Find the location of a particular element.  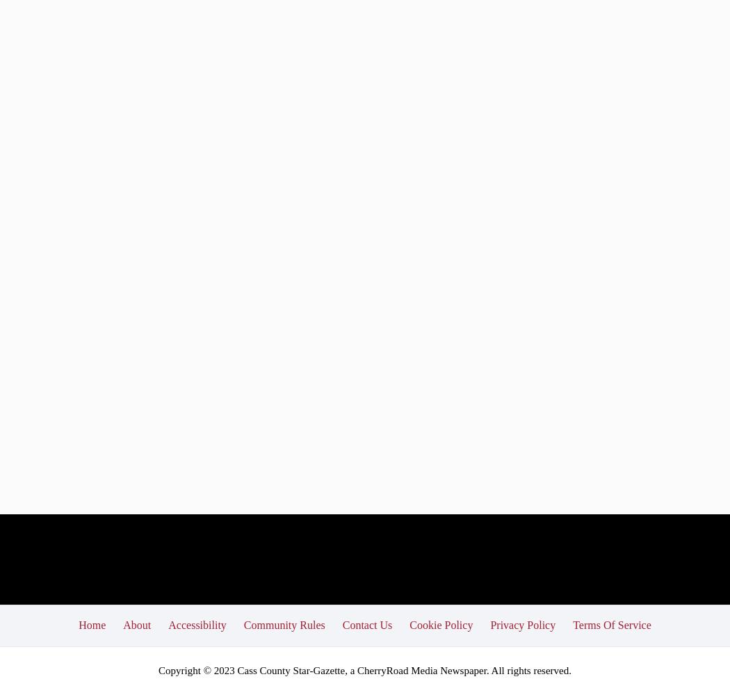

'Contact Us' is located at coordinates (367, 624).